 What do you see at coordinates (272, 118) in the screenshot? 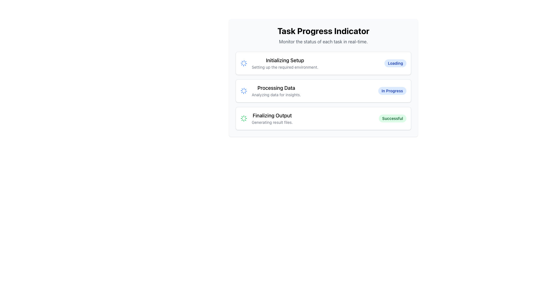
I see `the text block displaying 'Finalizing Output' which indicates the task status in the 'Task Progress Indicator' panel` at bounding box center [272, 118].